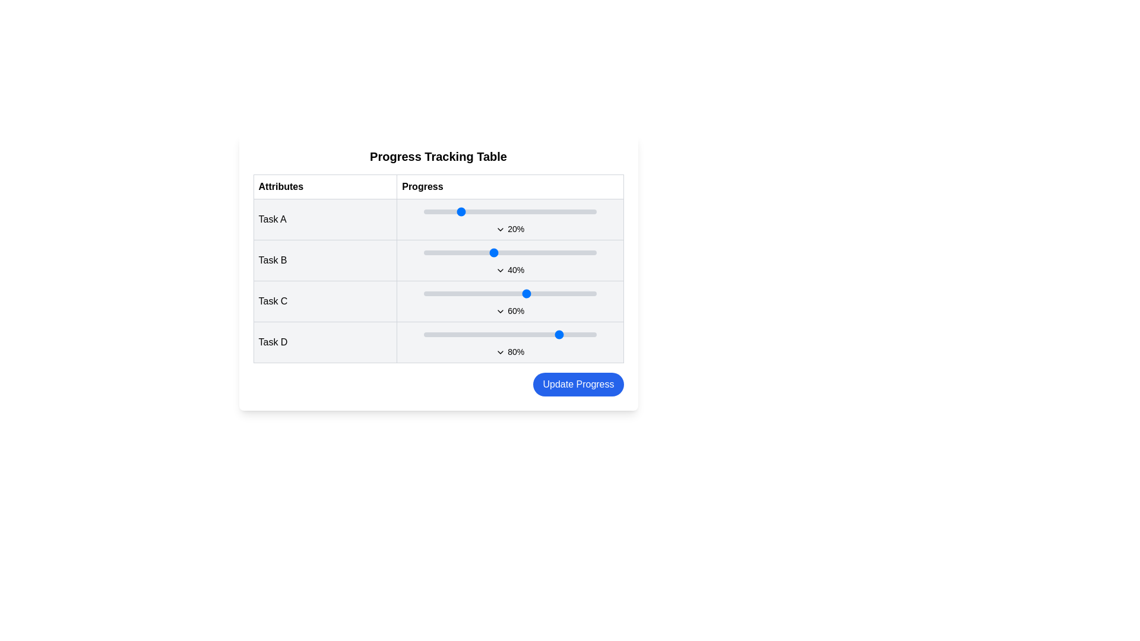  I want to click on the progress level, so click(542, 293).